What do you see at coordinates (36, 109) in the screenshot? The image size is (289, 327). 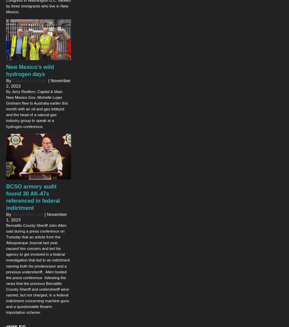 I see `'By Jerry Redfern, Capital & Main  New Mexico Gov. Michelle Lujan Grisham flew to Australia earlier this month with an oil and gas lobbyist and the head of a natural gas industry group to speak at a hydrogen conference.'` at bounding box center [36, 109].